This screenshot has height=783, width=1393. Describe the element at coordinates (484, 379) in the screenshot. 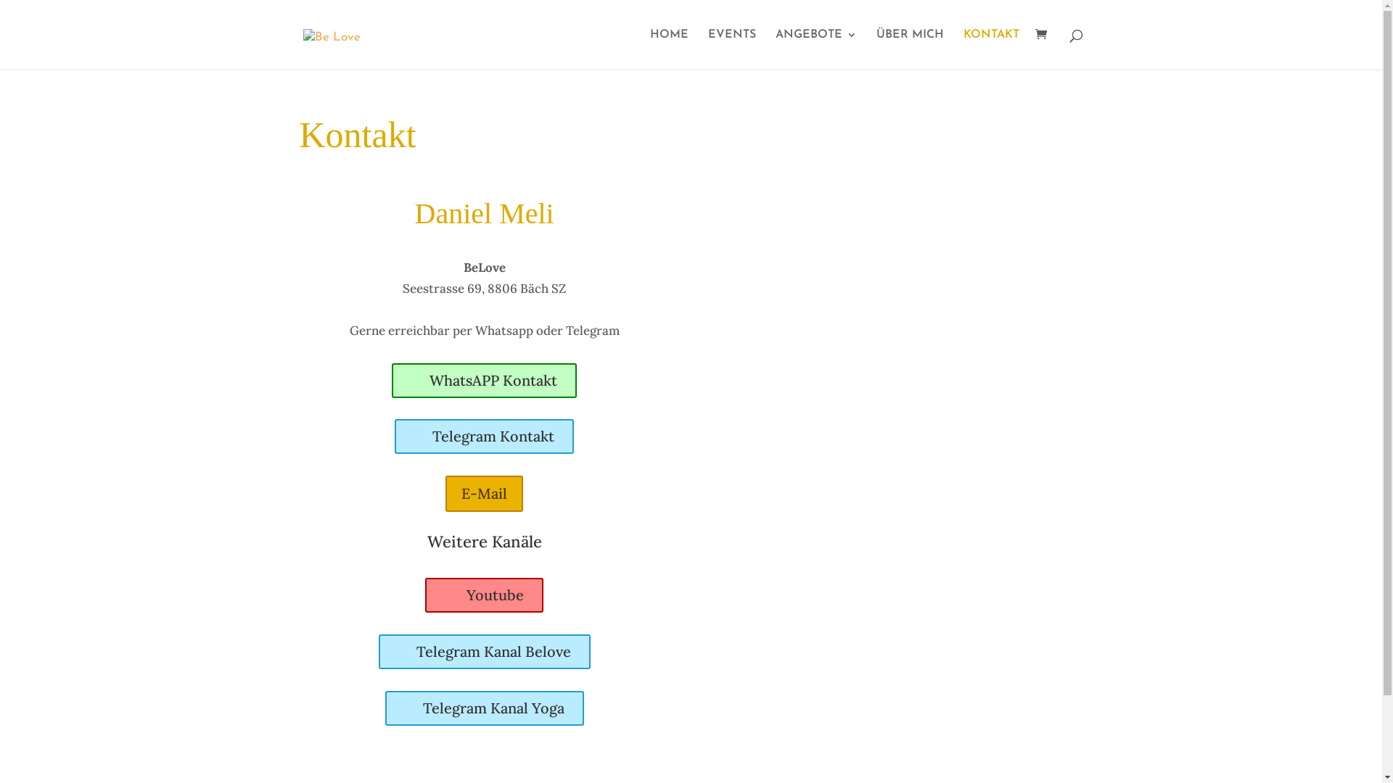

I see `'WhatsAPP Kontakt'` at that location.